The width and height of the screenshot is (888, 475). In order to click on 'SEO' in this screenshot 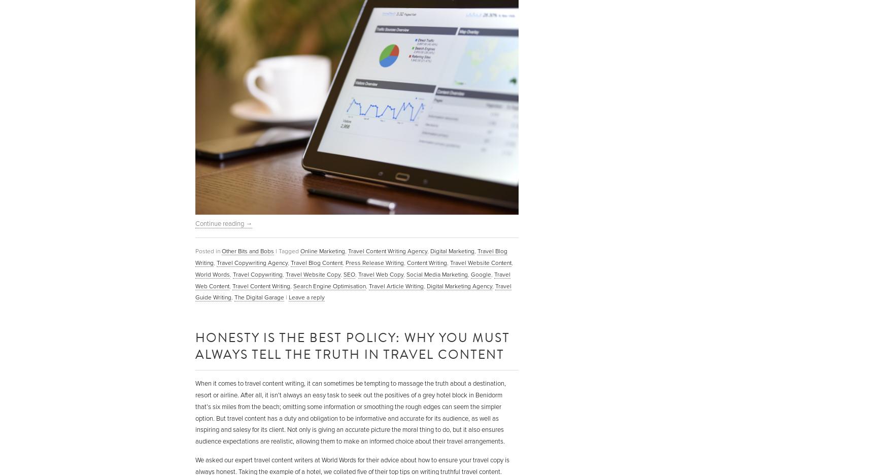, I will do `click(349, 274)`.